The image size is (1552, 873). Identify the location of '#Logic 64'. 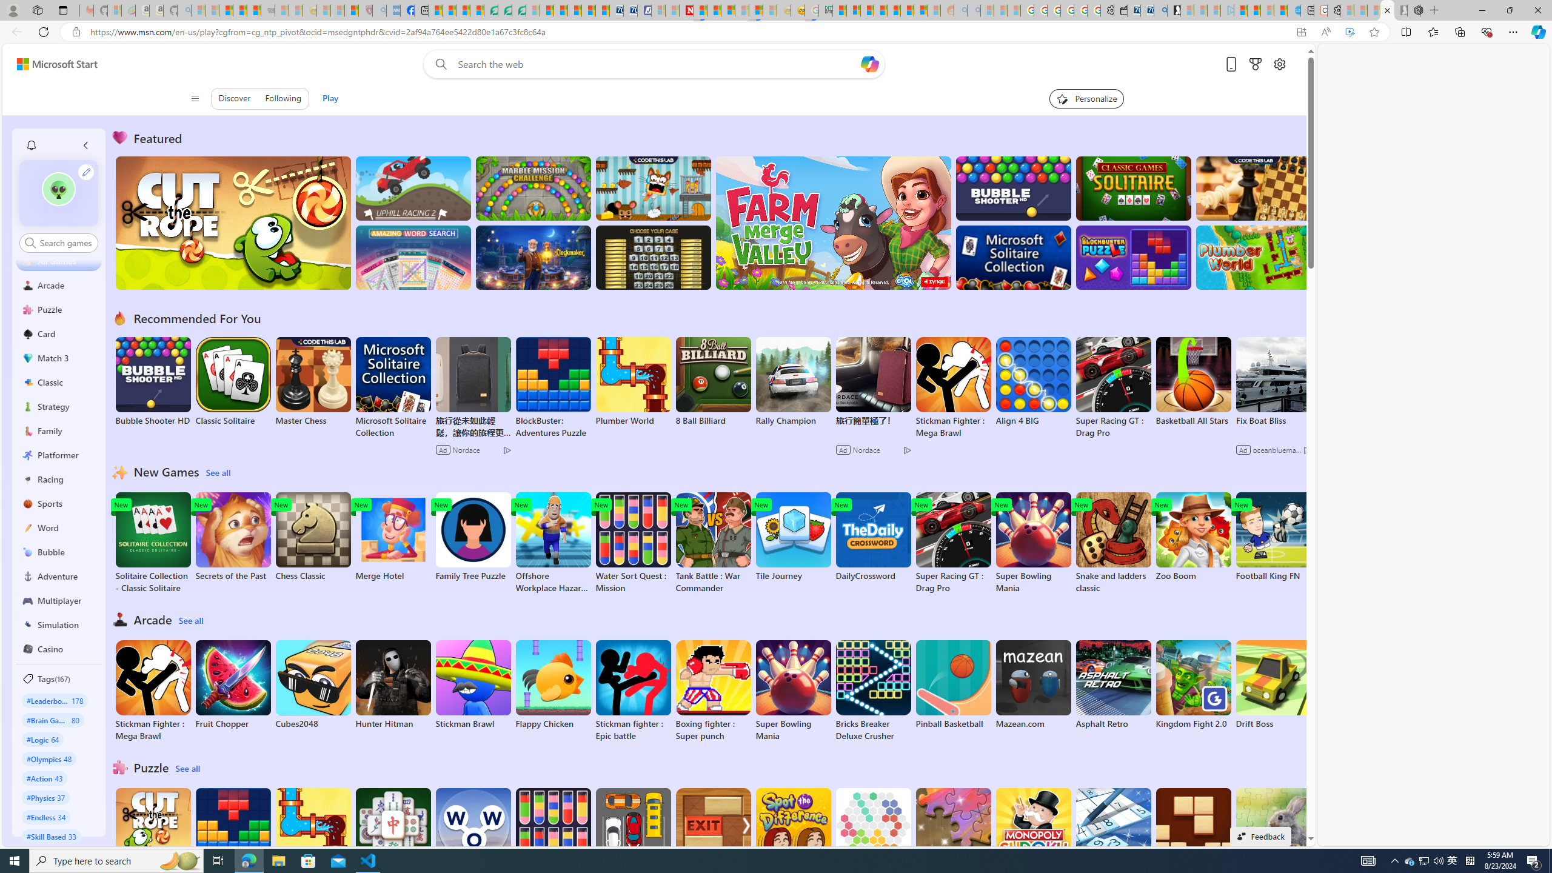
(42, 738).